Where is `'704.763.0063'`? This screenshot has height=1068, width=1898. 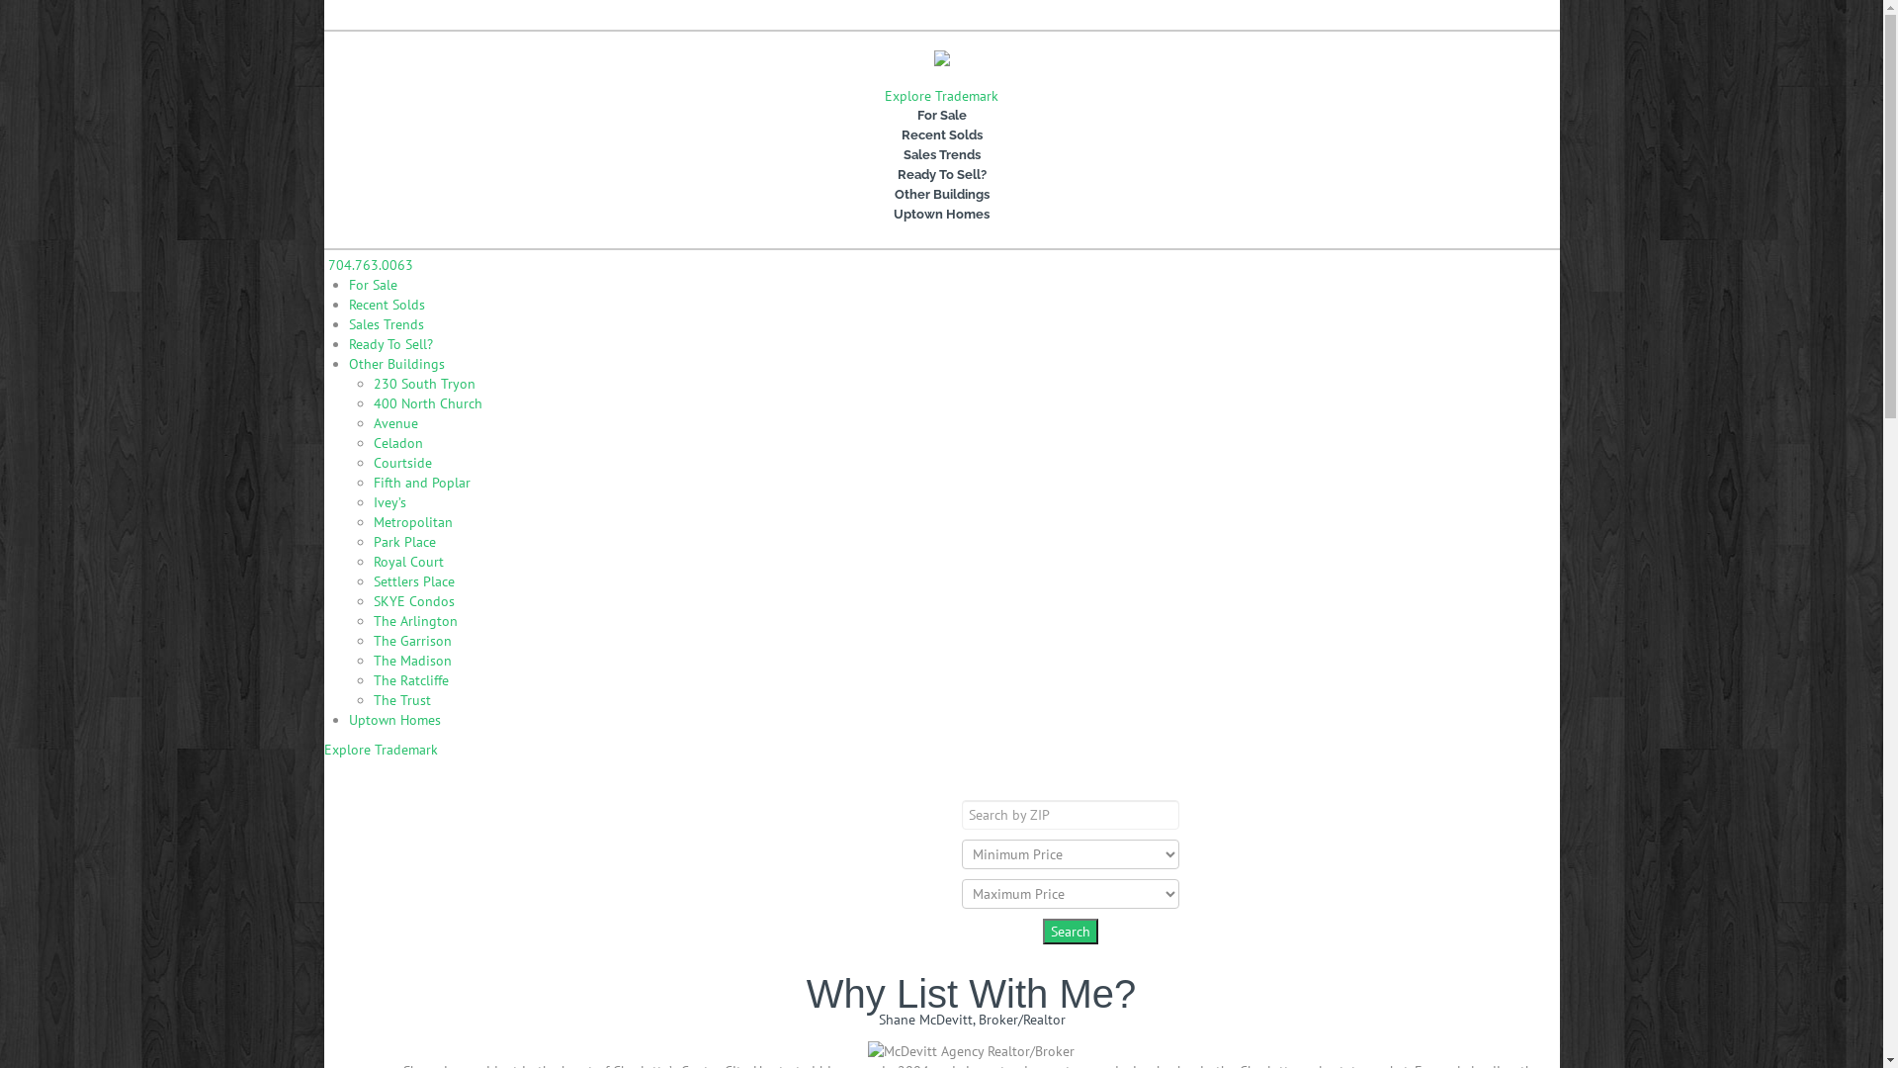 '704.763.0063' is located at coordinates (405, 15).